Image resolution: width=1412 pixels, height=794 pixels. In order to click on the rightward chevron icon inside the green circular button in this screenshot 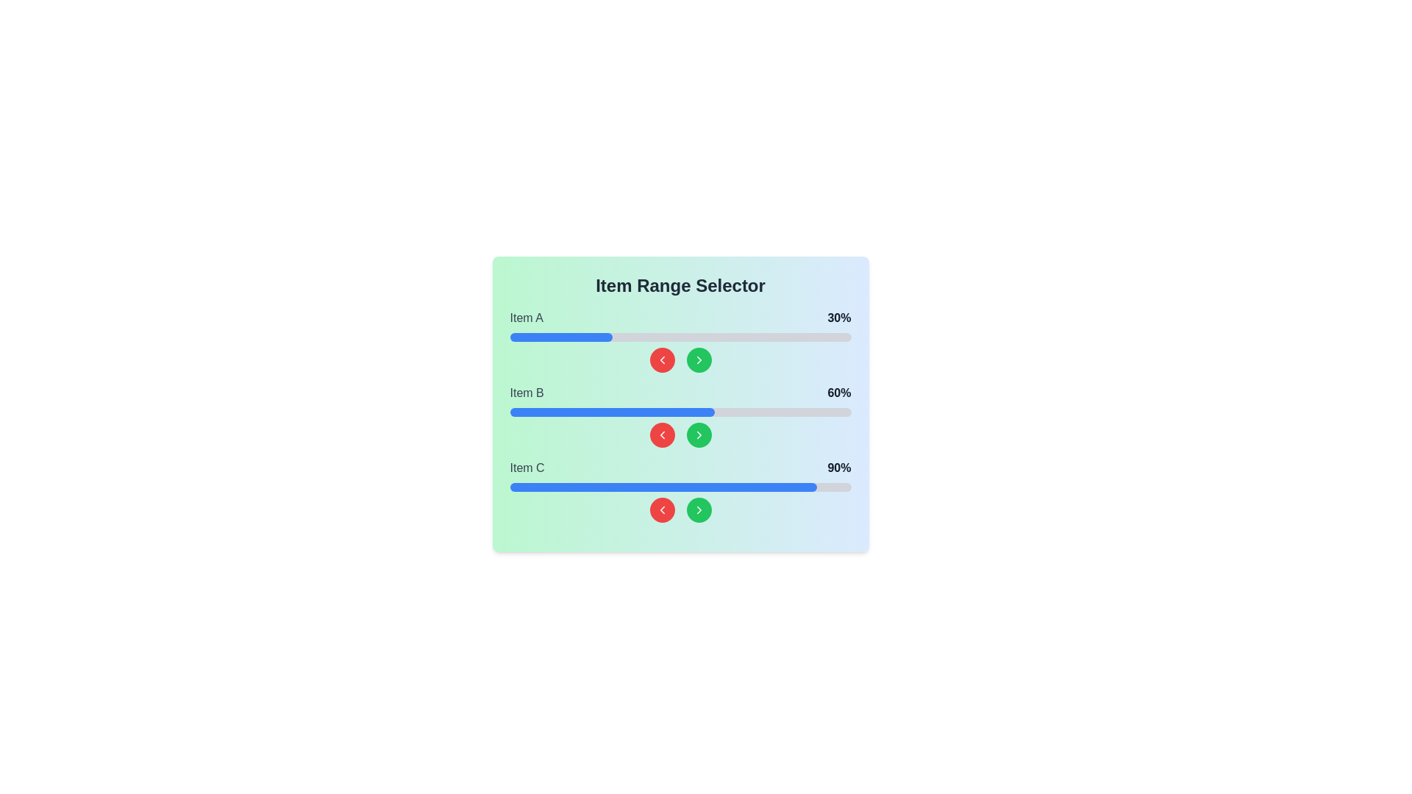, I will do `click(698, 360)`.